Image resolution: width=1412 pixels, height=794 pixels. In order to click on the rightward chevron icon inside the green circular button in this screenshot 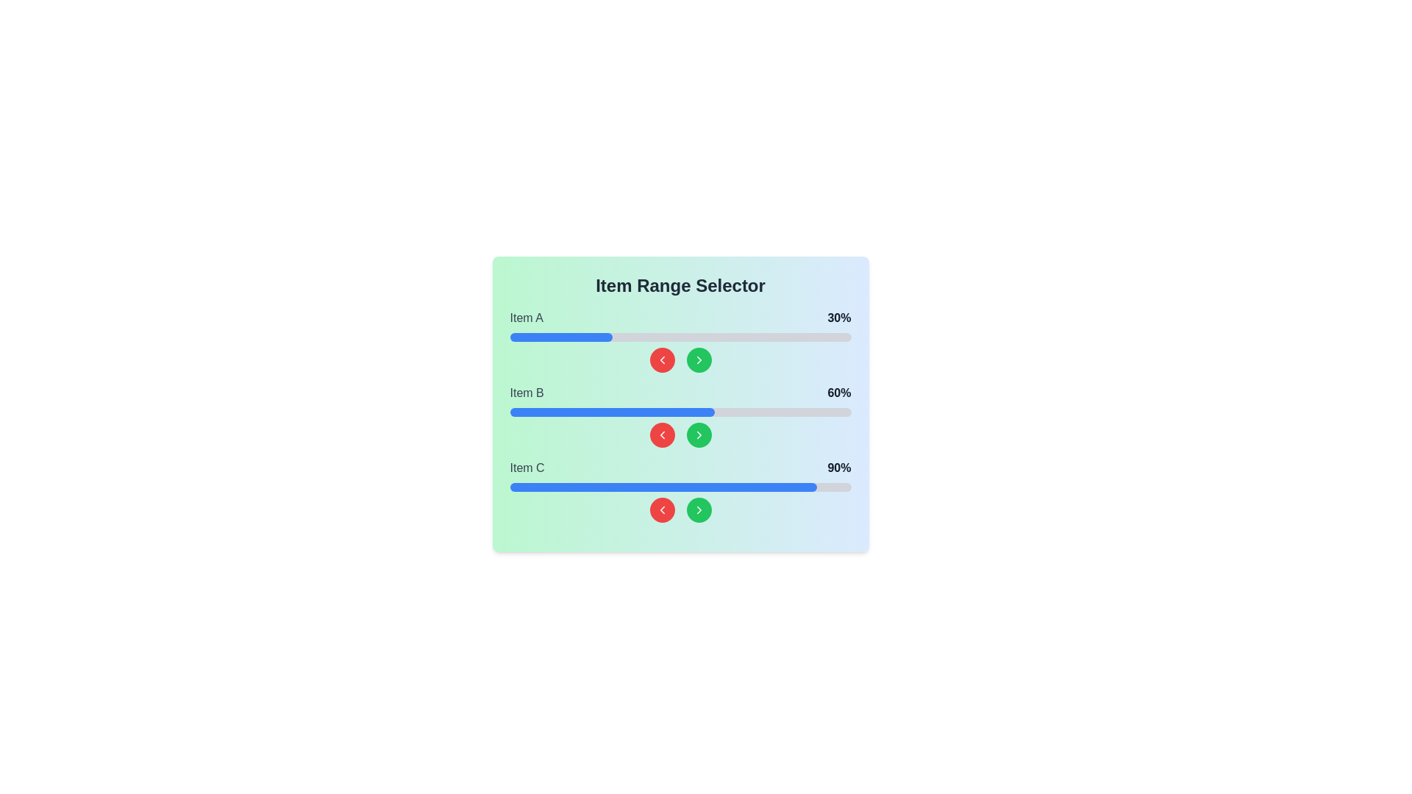, I will do `click(698, 360)`.